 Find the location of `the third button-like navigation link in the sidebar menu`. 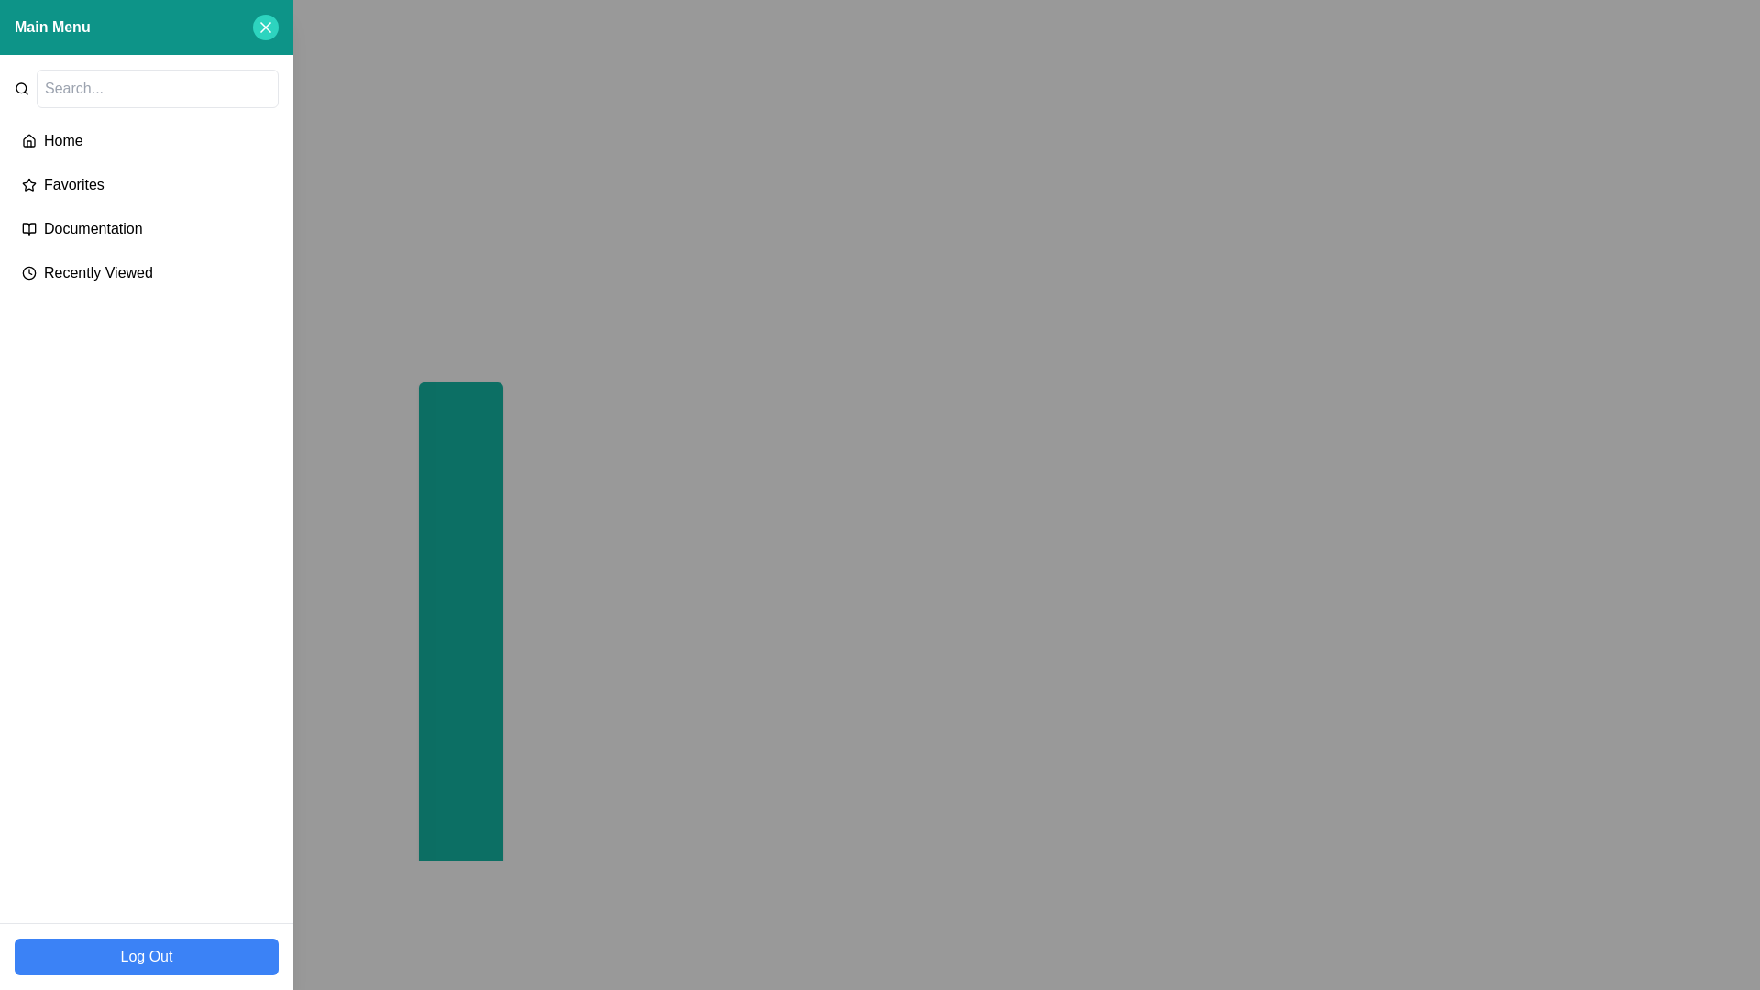

the third button-like navigation link in the sidebar menu is located at coordinates (145, 228).